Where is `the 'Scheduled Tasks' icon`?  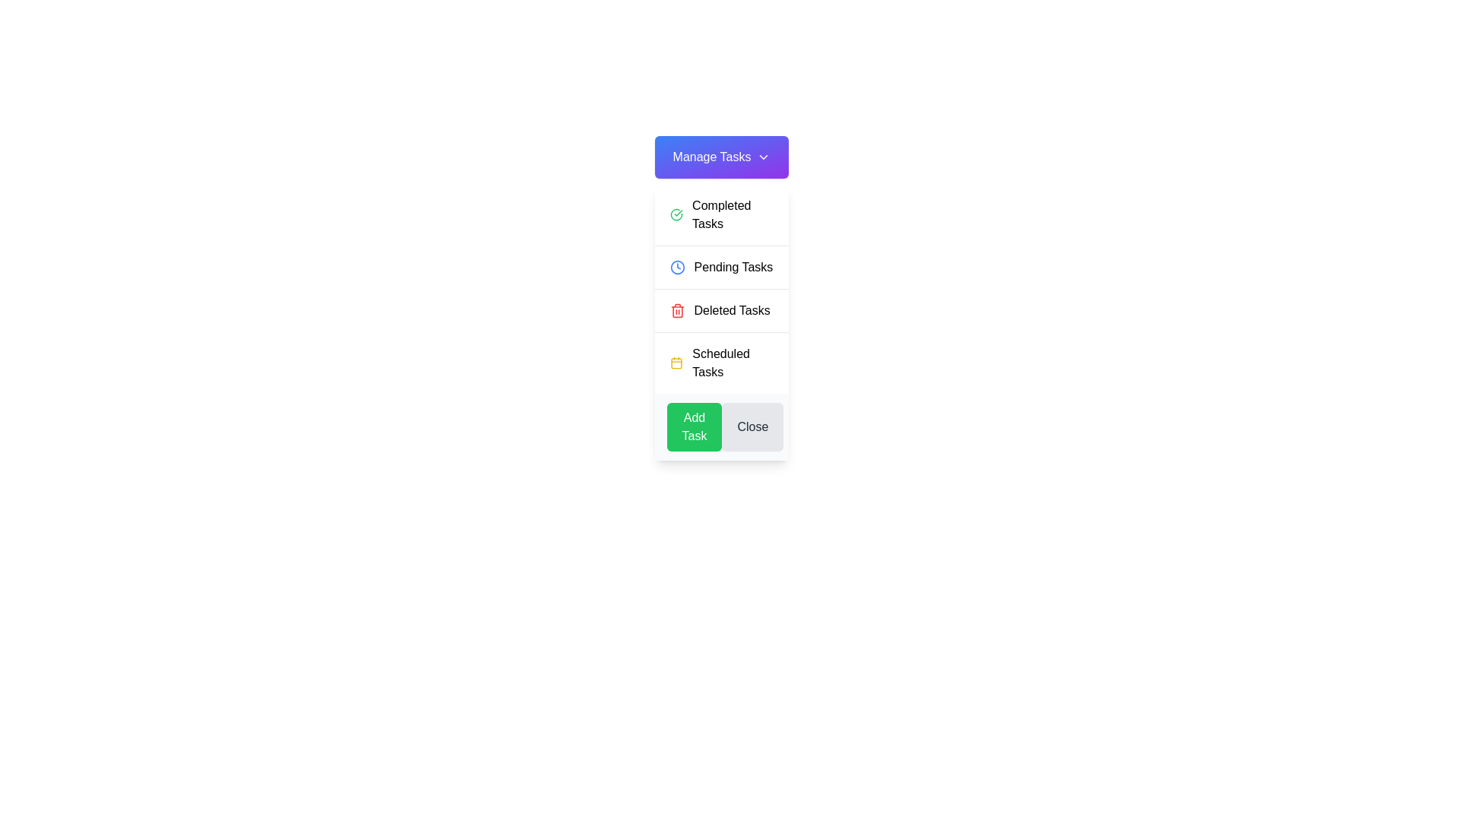 the 'Scheduled Tasks' icon is located at coordinates (676, 363).